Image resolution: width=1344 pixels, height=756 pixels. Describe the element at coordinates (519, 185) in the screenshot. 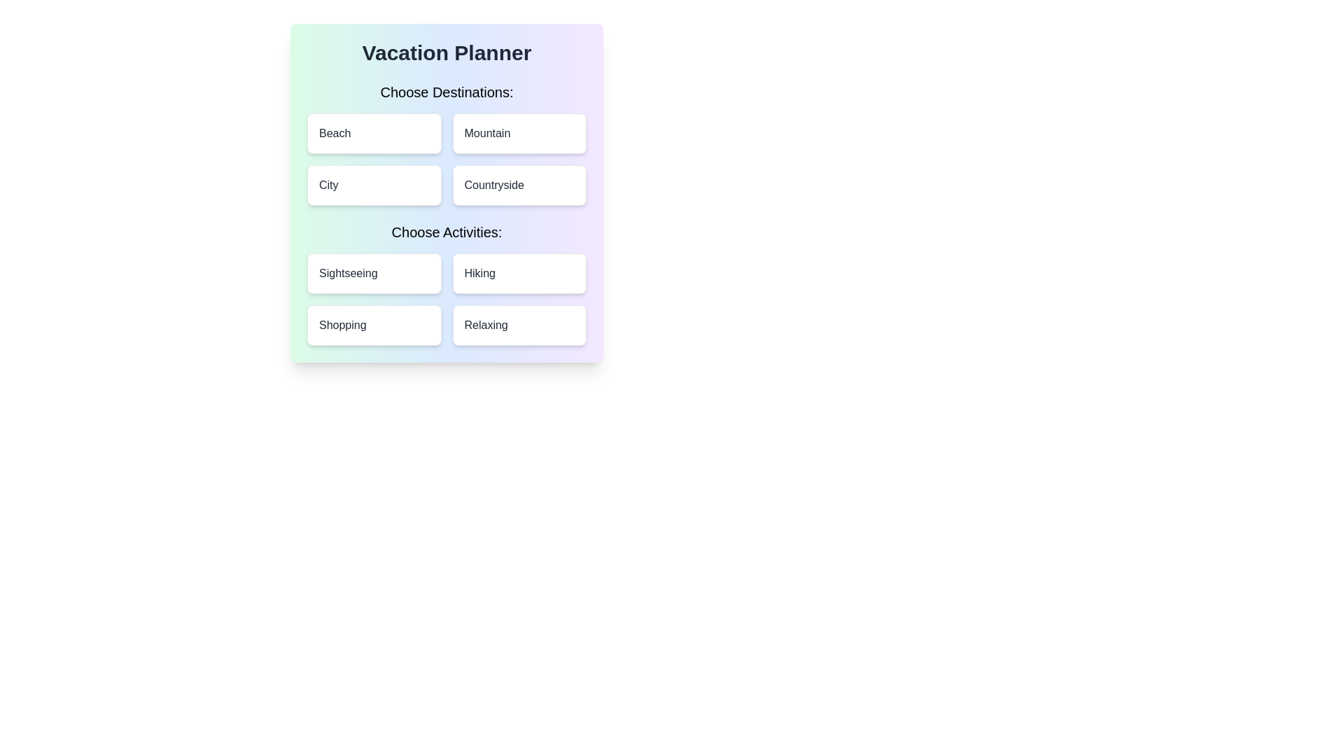

I see `the 'Countryside' button located in the bottom-right of the 'Choose Destinations' grid` at that location.